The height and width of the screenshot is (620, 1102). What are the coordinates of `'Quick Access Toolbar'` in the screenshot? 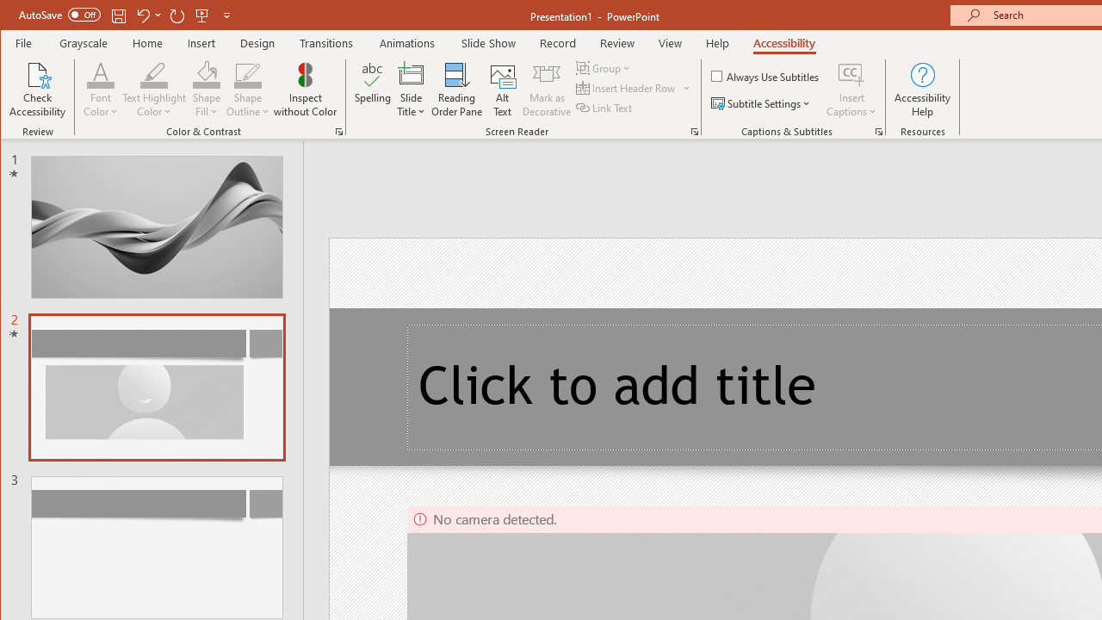 It's located at (125, 15).